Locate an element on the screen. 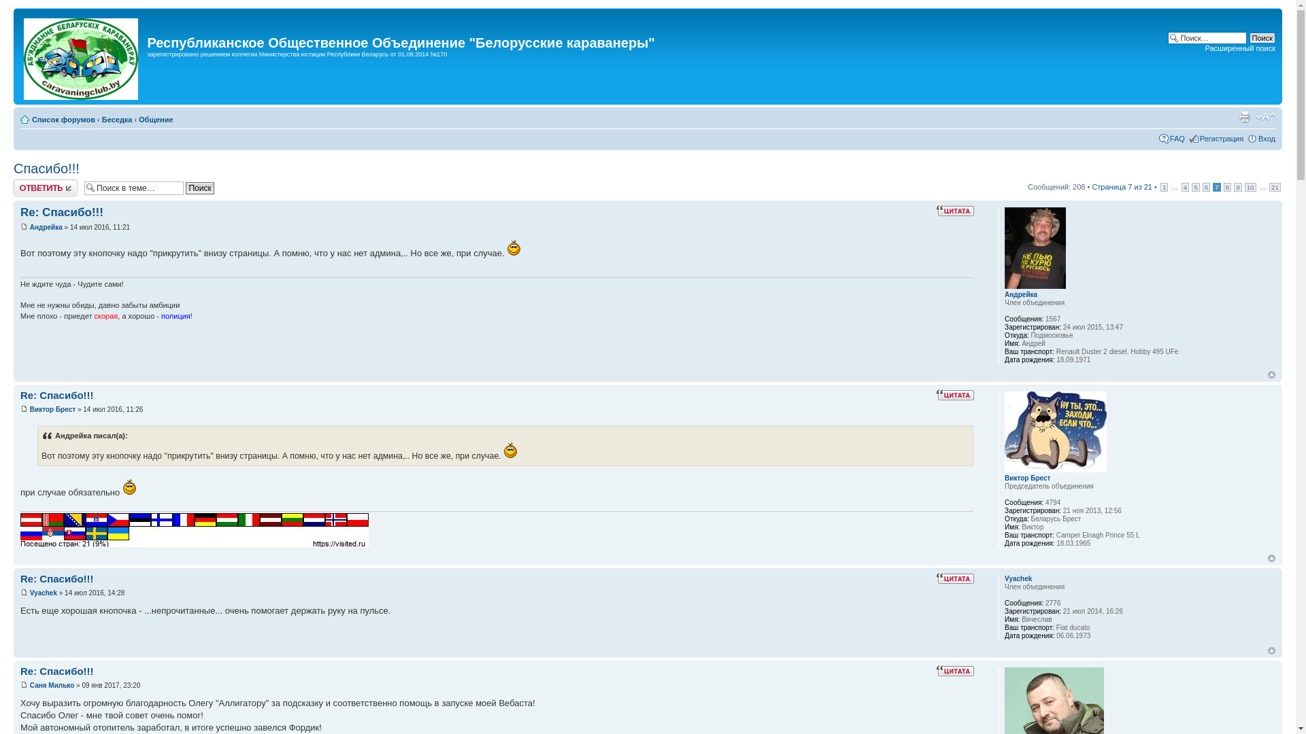  'Vyachek' is located at coordinates (1018, 578).